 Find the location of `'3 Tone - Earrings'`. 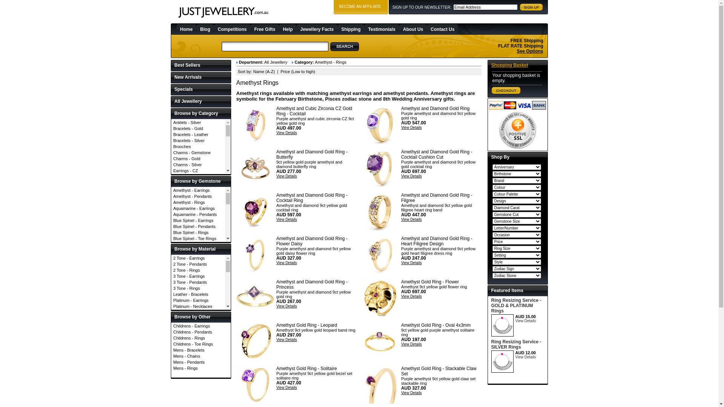

'3 Tone - Earrings' is located at coordinates (171, 276).